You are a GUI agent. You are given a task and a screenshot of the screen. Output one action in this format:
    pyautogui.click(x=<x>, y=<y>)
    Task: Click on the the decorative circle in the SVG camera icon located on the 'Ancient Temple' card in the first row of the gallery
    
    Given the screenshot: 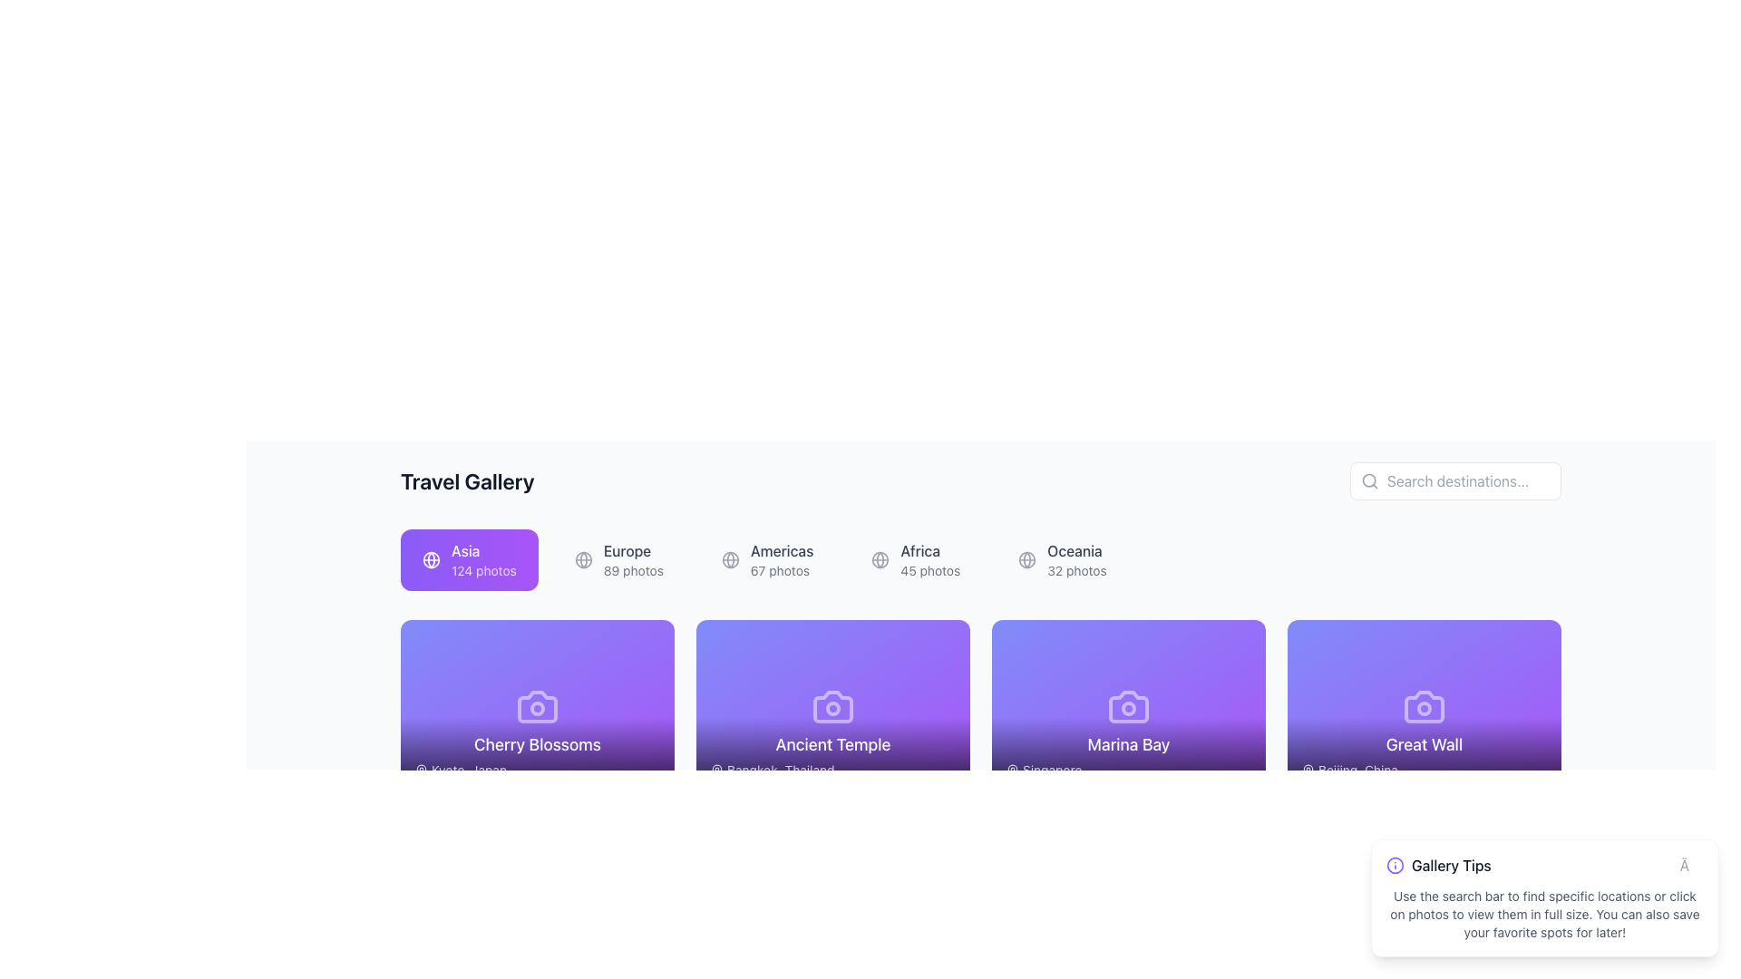 What is the action you would take?
    pyautogui.click(x=832, y=708)
    